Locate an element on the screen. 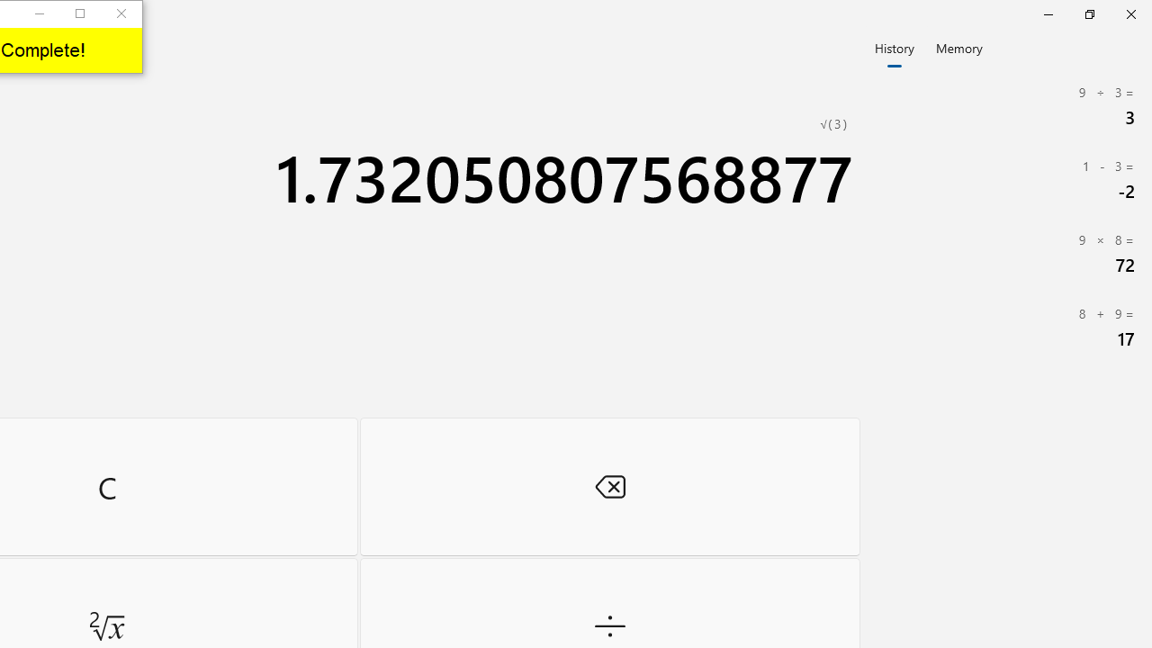 The image size is (1152, 648). '1 Minus ( 3= Minus (2' is located at coordinates (1008, 180).